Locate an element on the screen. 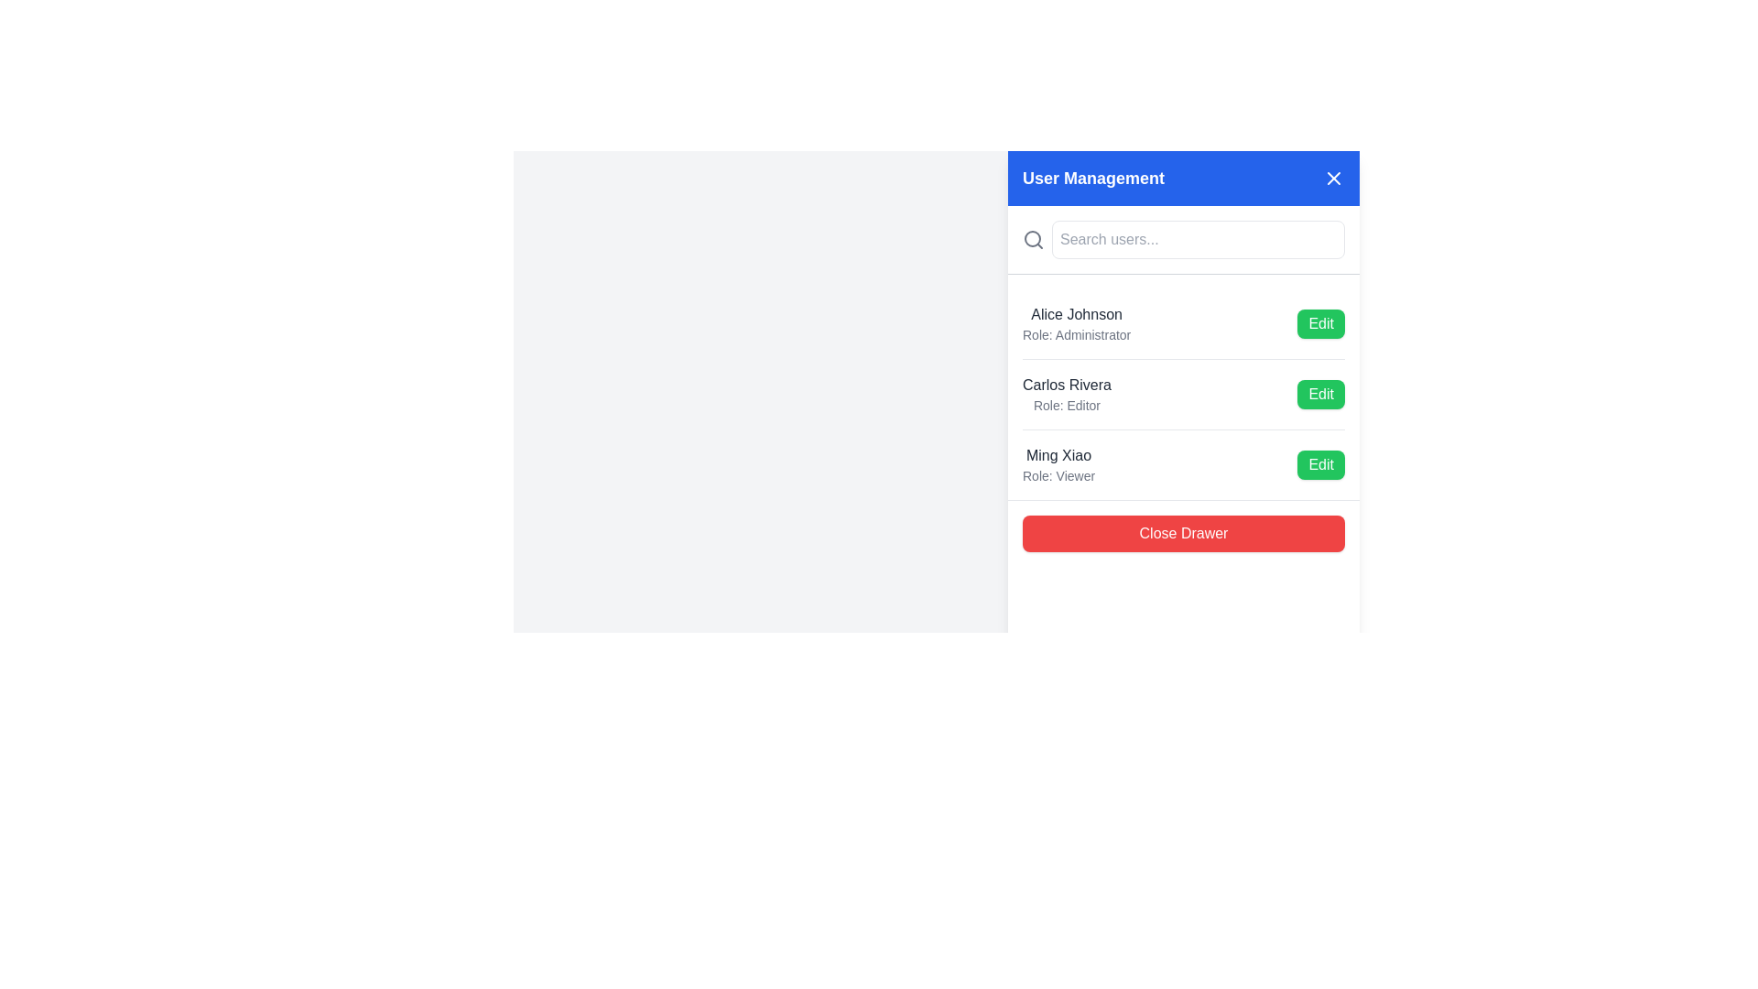 The height and width of the screenshot is (989, 1758). the edit button associated with the user 'Alice Johnson' to observe any hover effects is located at coordinates (1321, 323).